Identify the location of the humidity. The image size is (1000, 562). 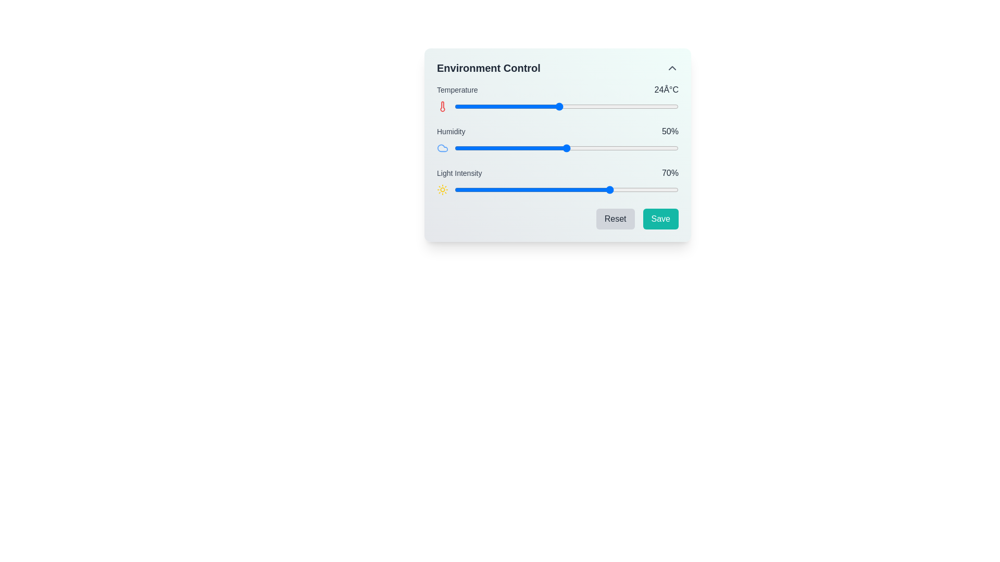
(467, 148).